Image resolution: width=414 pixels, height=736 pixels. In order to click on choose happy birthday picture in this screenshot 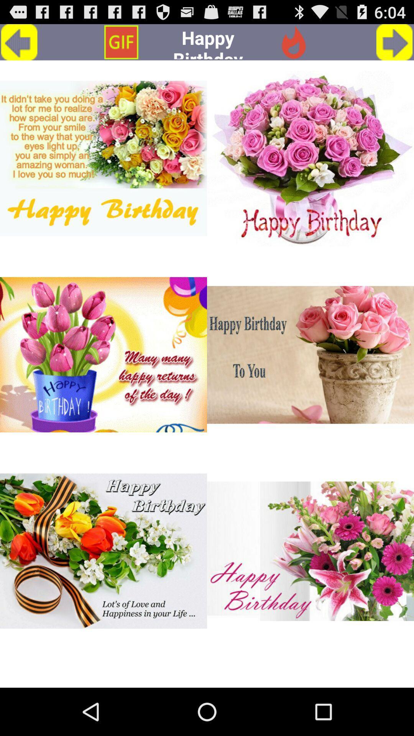, I will do `click(310, 551)`.